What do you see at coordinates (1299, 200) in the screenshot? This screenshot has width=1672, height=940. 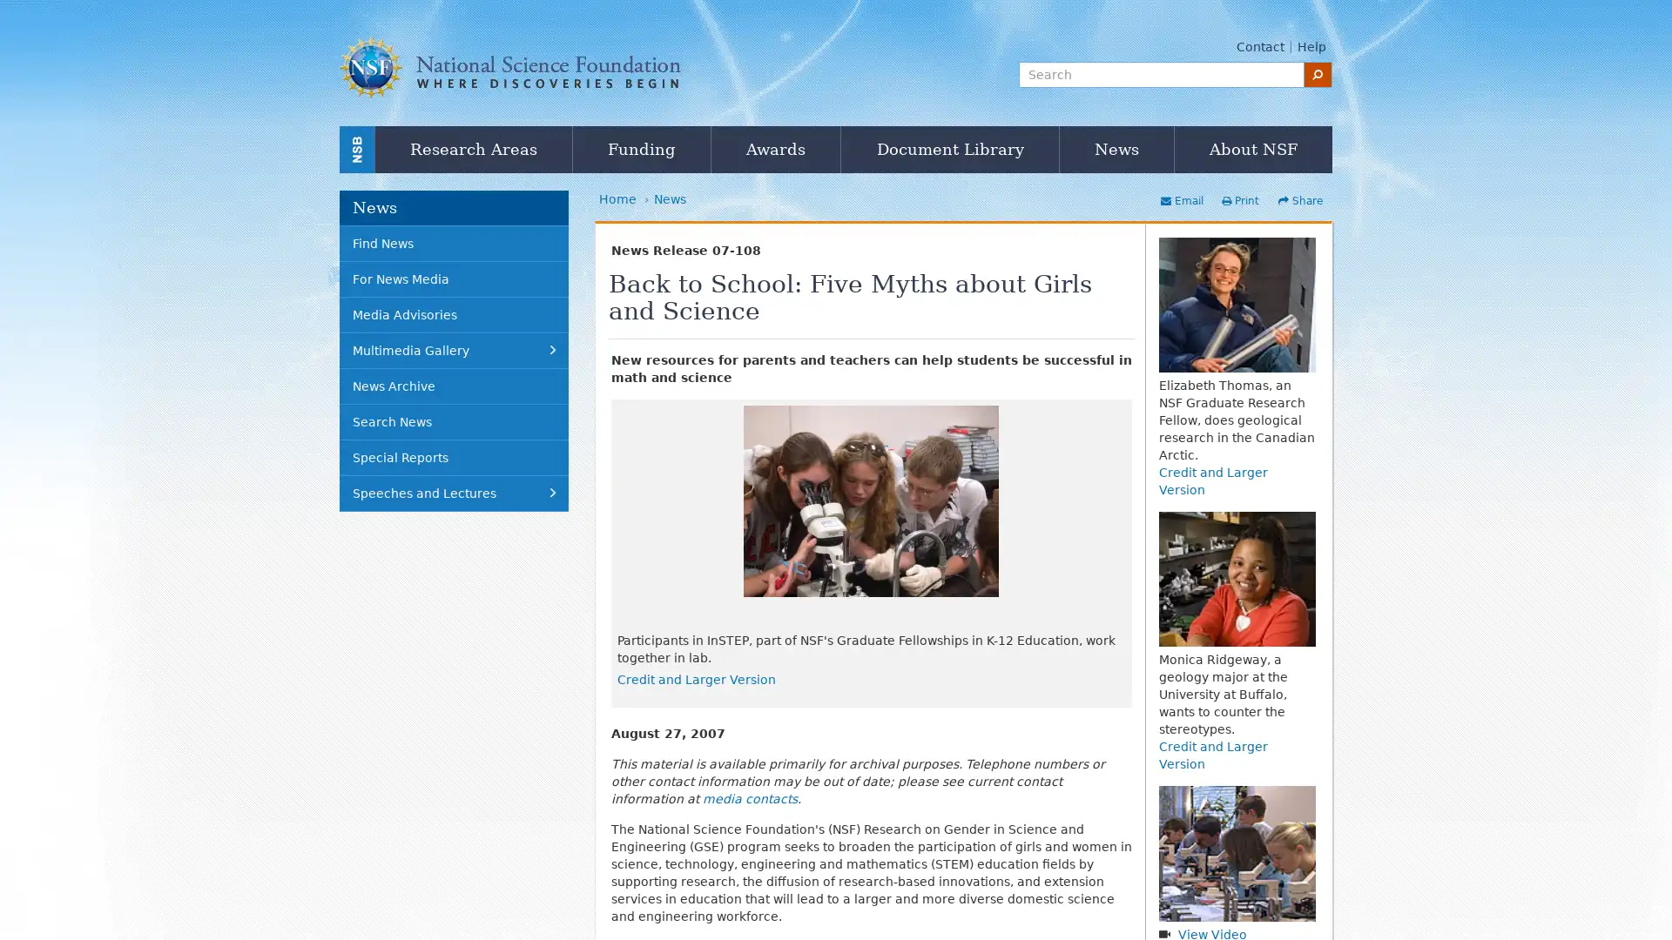 I see `Share this page` at bounding box center [1299, 200].